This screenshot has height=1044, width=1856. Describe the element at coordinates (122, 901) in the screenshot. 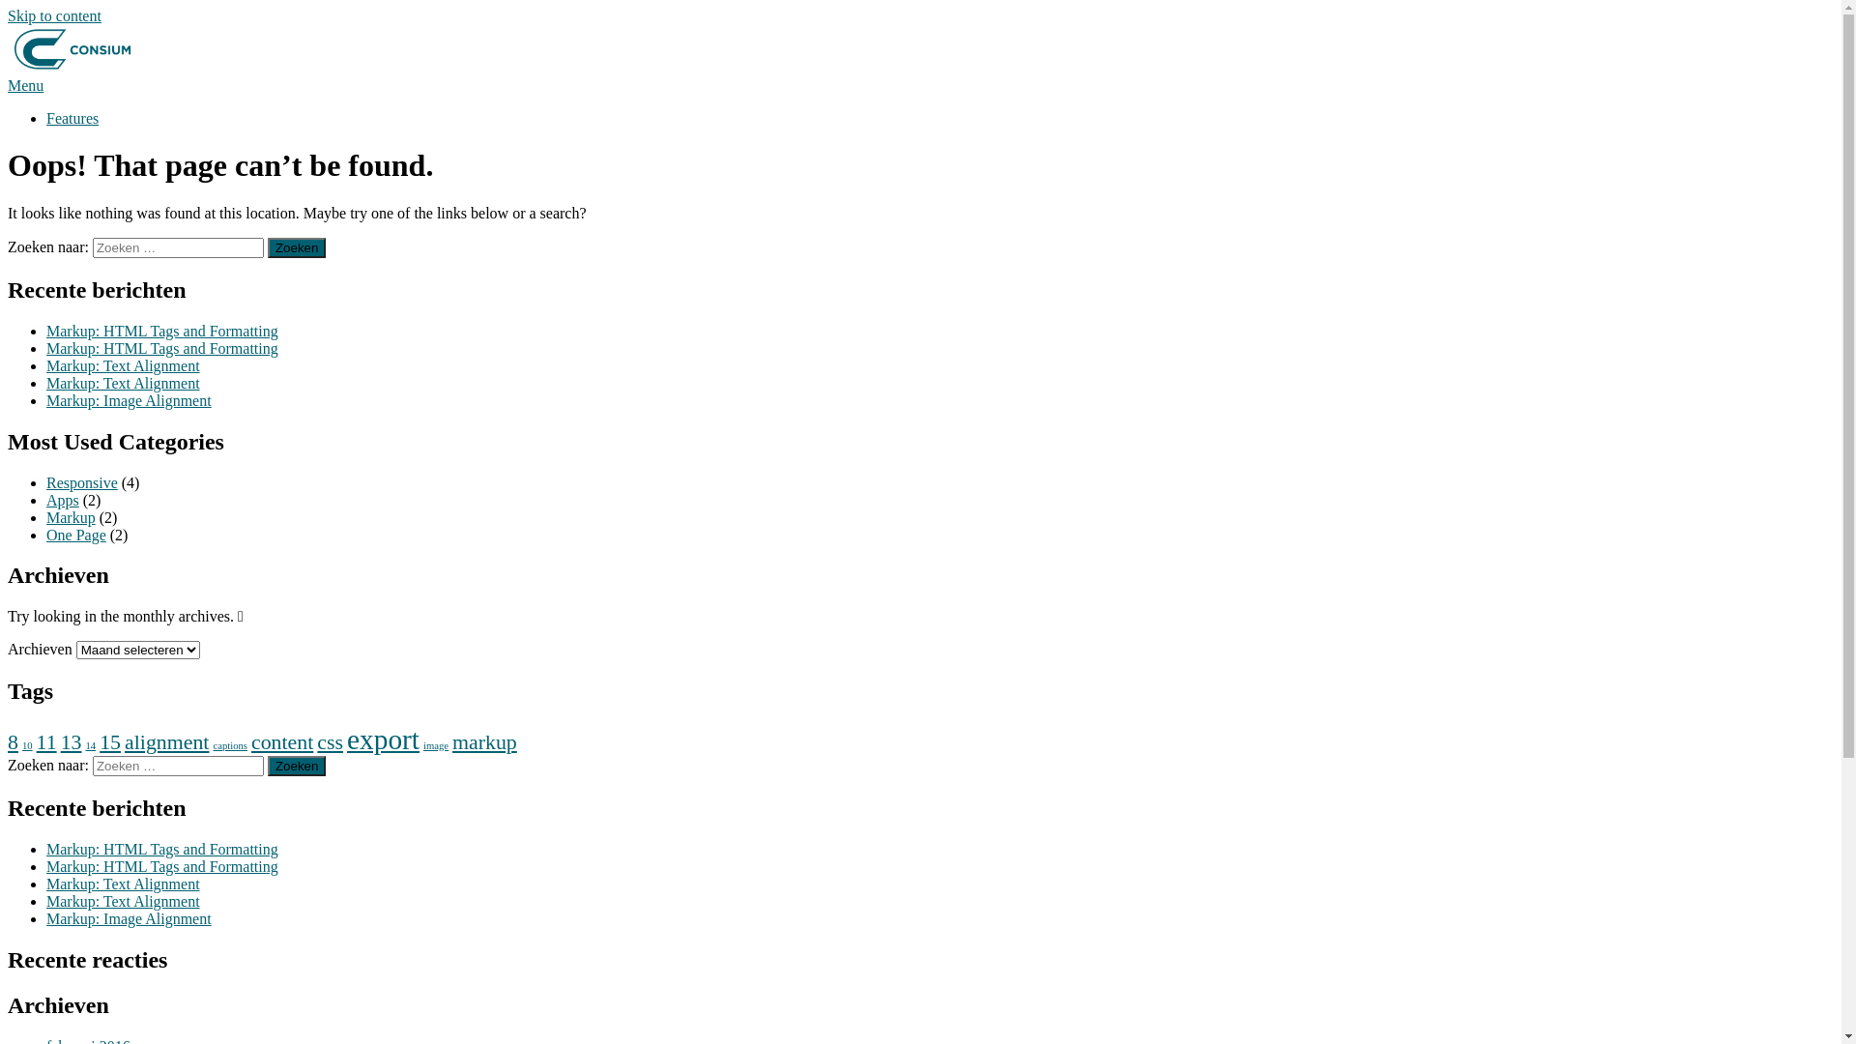

I see `'Markup: Text Alignment'` at that location.